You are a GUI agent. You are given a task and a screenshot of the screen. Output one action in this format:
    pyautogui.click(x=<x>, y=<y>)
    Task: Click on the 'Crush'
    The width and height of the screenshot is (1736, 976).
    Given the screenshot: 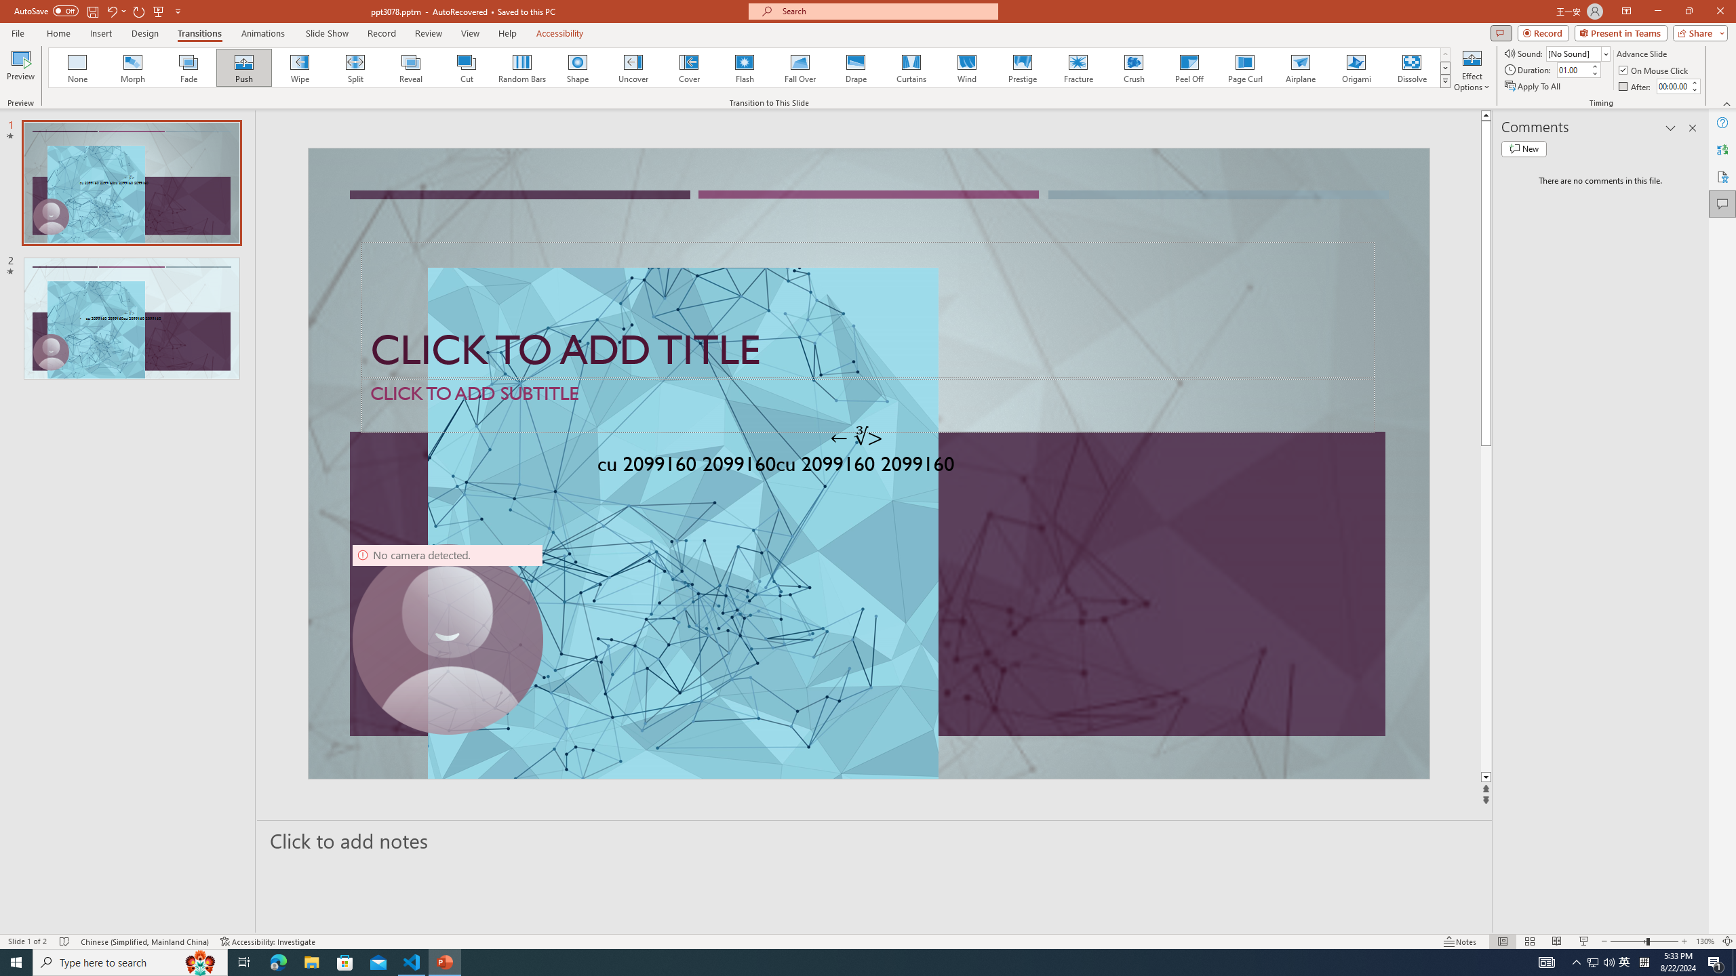 What is the action you would take?
    pyautogui.click(x=1133, y=67)
    